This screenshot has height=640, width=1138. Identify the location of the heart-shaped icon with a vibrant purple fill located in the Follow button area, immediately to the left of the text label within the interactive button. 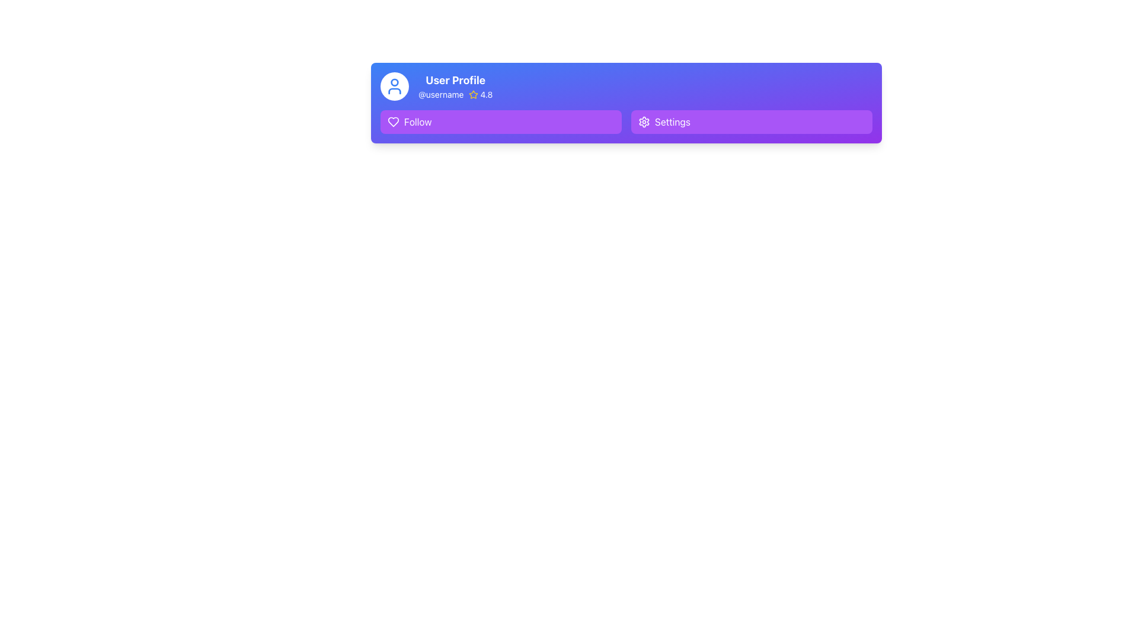
(393, 121).